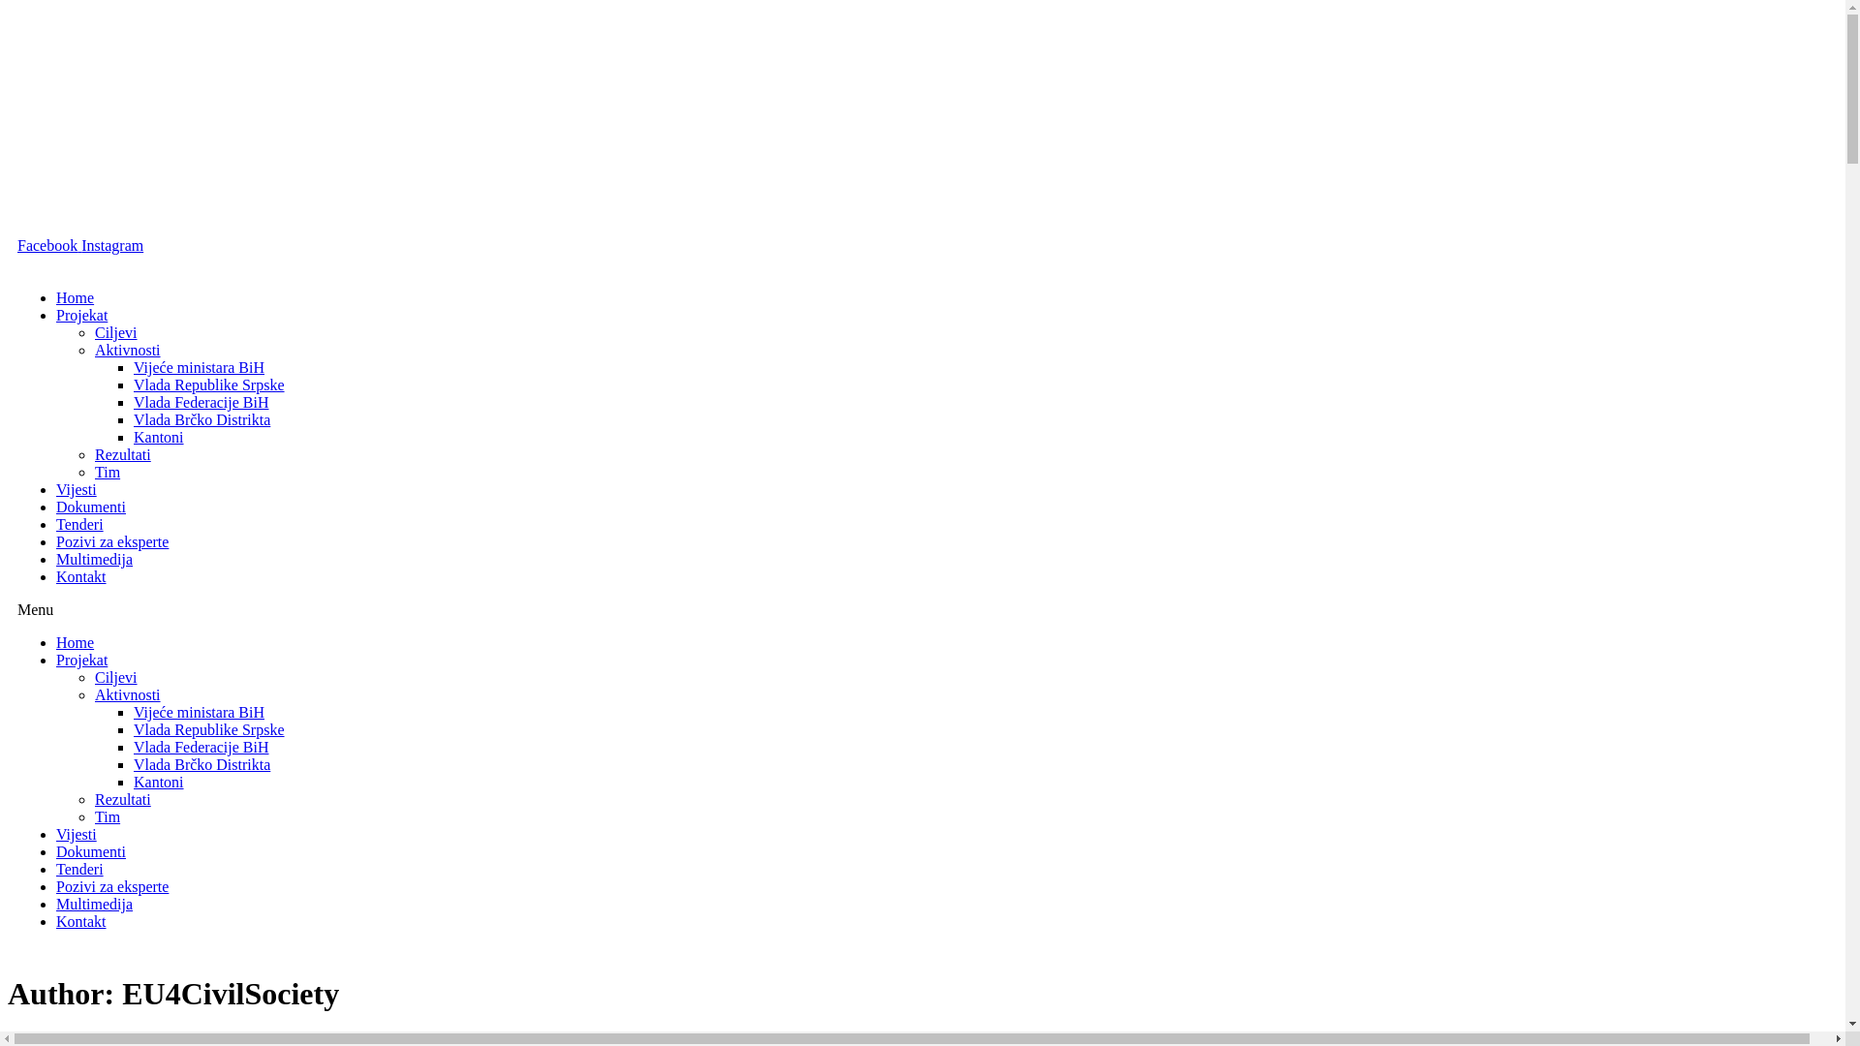  I want to click on 'Kontakt', so click(79, 920).